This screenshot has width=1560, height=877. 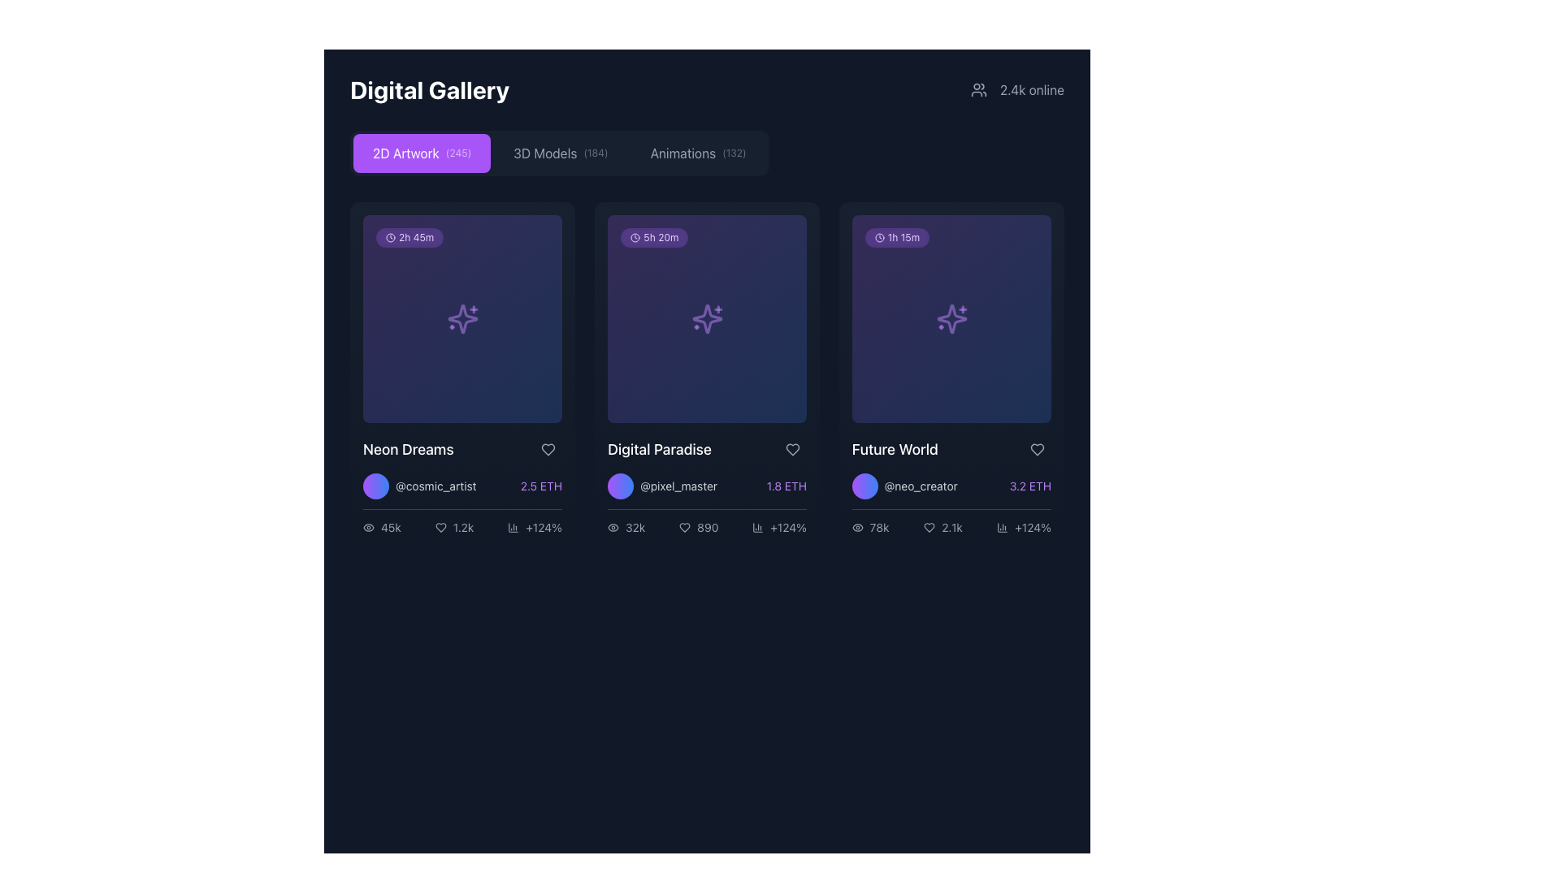 What do you see at coordinates (461, 319) in the screenshot?
I see `the Decorative Icon located in the center of the first card under the '2D Artwork' tab, which represents a feature or thematic decoration with a 'sparkle' effect` at bounding box center [461, 319].